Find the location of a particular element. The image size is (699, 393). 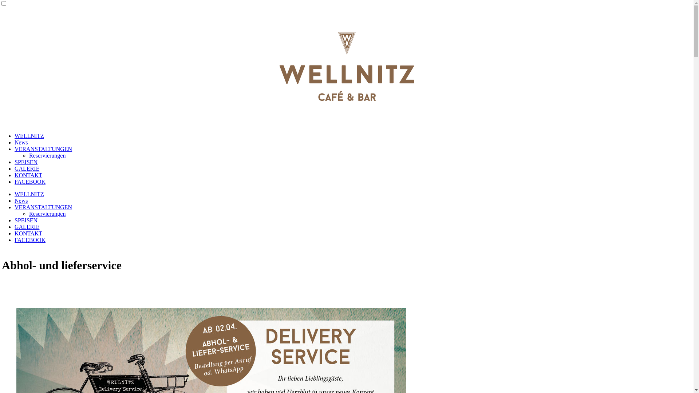

'FACEBOOK' is located at coordinates (29, 240).